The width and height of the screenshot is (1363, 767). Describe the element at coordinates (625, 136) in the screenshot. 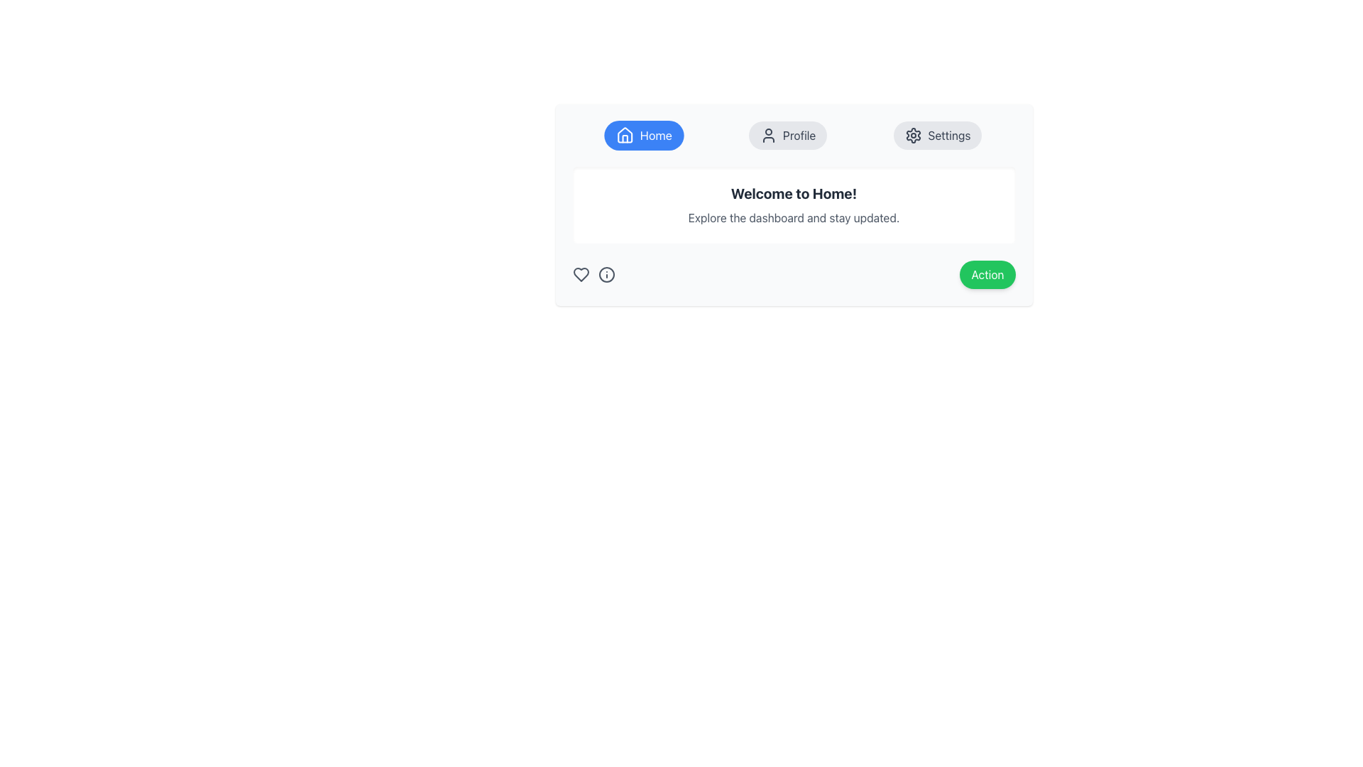

I see `the house icon with a blue background and white outline, located at the leftmost part of the 'Home' button in the navigation group` at that location.